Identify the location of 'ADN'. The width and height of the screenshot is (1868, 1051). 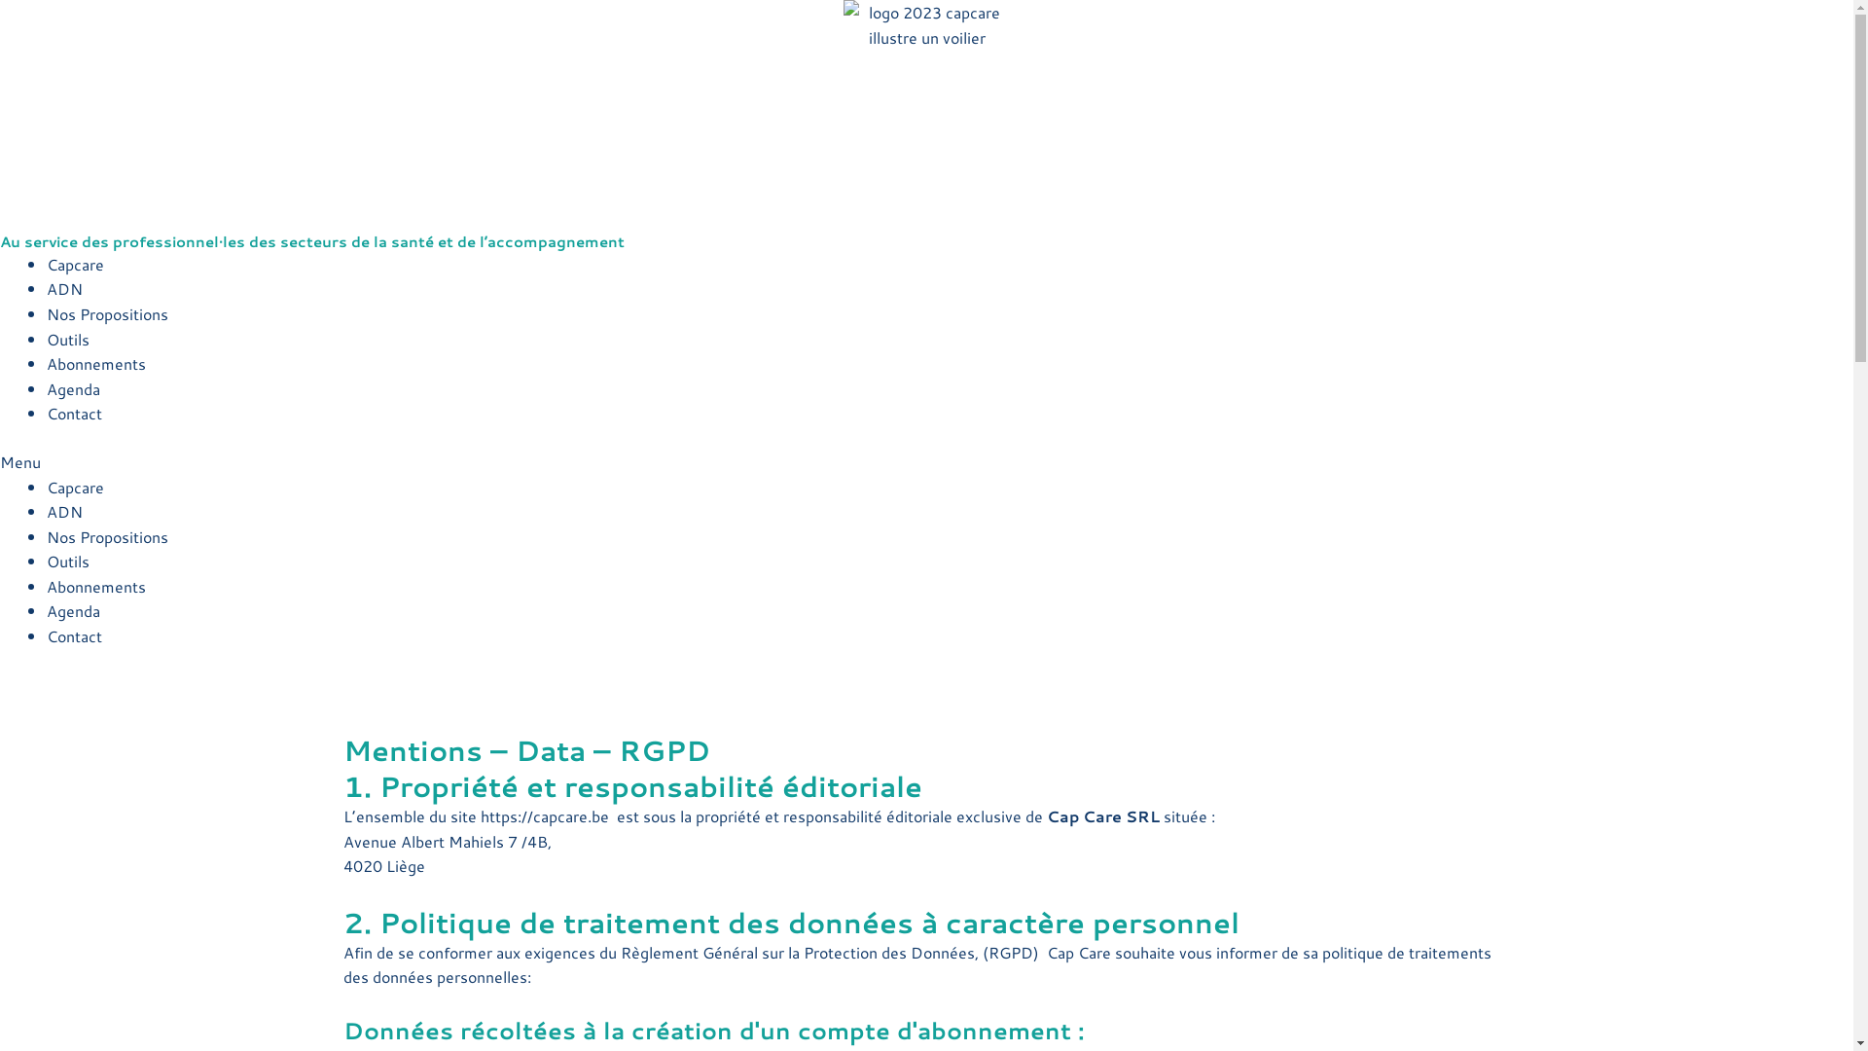
(64, 288).